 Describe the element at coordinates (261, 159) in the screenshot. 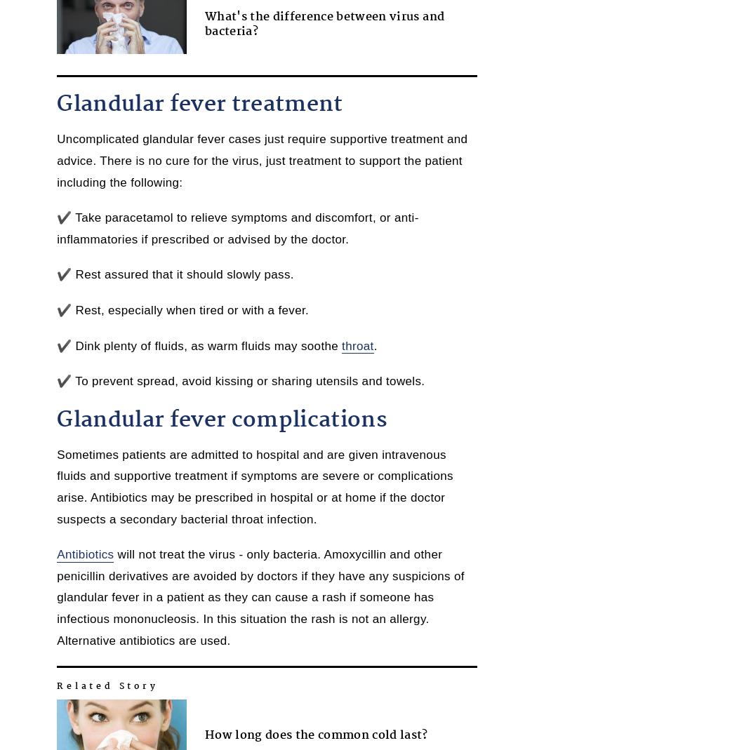

I see `'Uncomplicated glandular fever cases just require supportive treatment and advice. There is no cure for the virus, just treatment to support the patient including the following:'` at that location.